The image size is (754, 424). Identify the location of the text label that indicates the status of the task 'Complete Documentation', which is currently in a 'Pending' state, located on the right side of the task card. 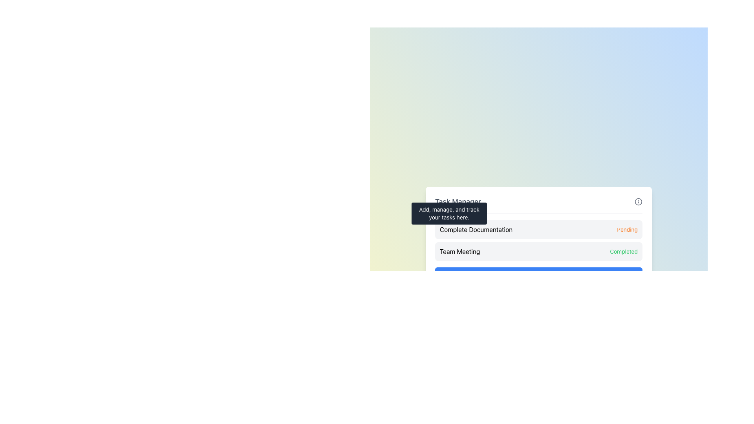
(627, 229).